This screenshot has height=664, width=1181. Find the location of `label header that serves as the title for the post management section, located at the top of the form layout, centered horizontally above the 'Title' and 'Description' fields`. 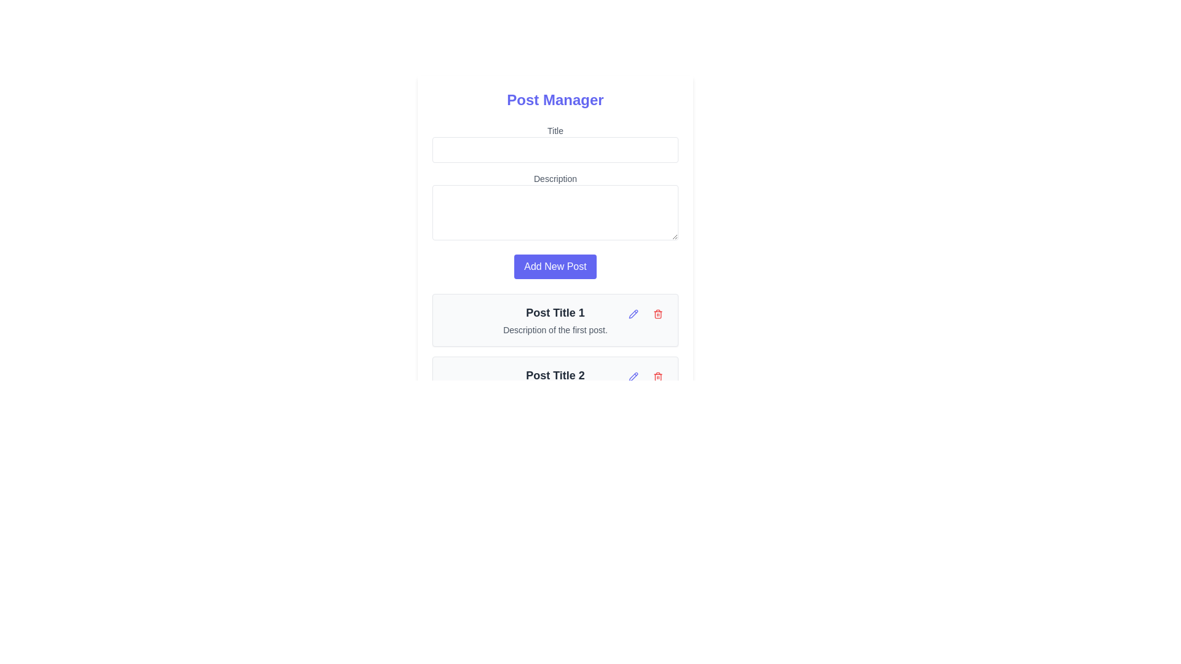

label header that serves as the title for the post management section, located at the top of the form layout, centered horizontally above the 'Title' and 'Description' fields is located at coordinates (554, 99).